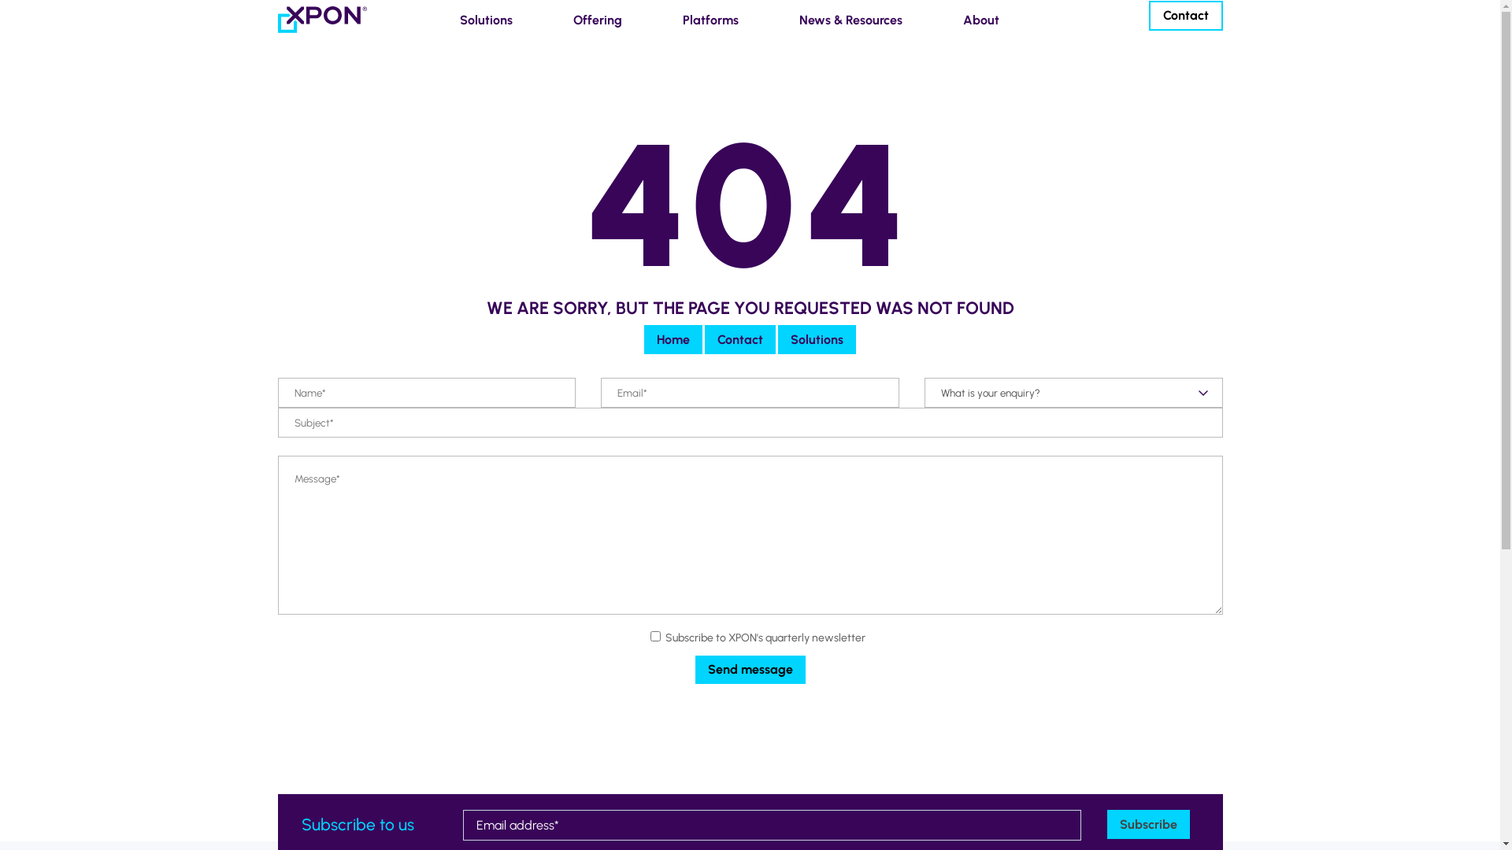 The width and height of the screenshot is (1512, 850). I want to click on 'Contact', so click(739, 338).